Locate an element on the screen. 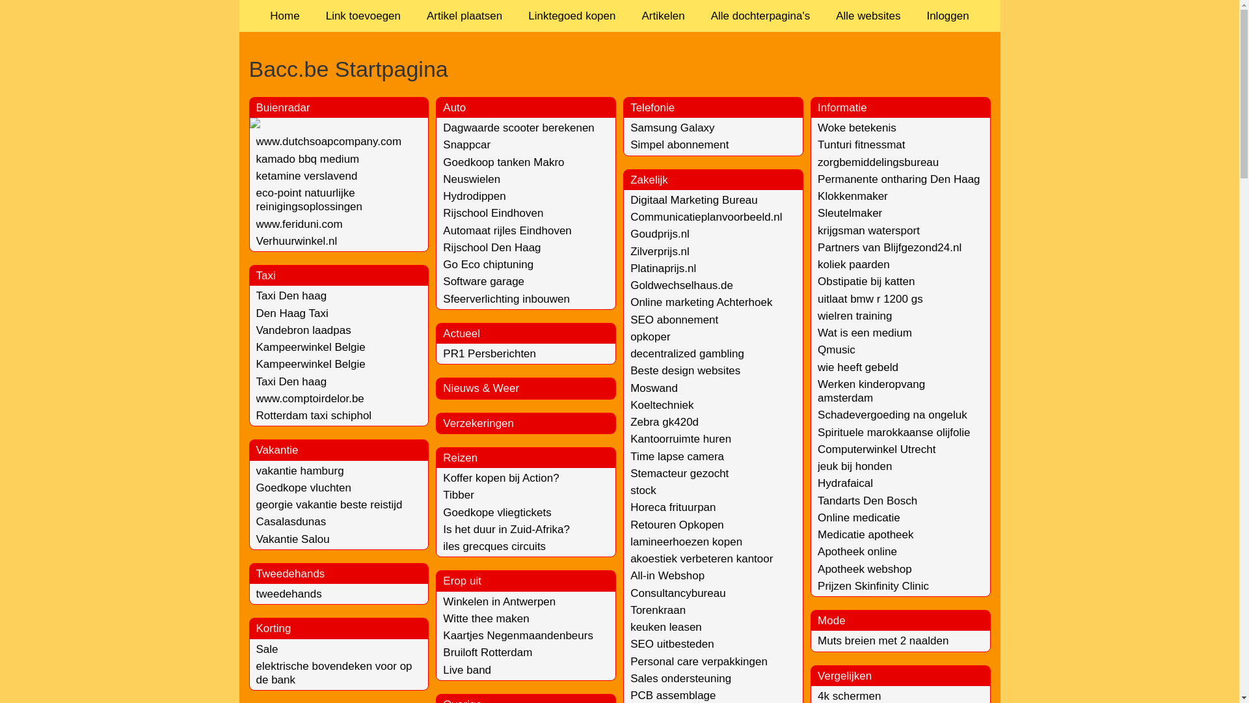 The height and width of the screenshot is (703, 1249). 'Platinaprijs.nl' is located at coordinates (663, 268).